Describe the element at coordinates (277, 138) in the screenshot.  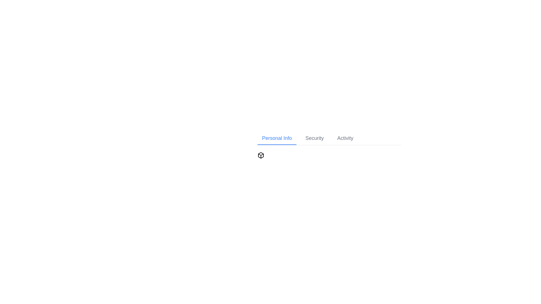
I see `the Personal Info tab in the navigation bar` at that location.